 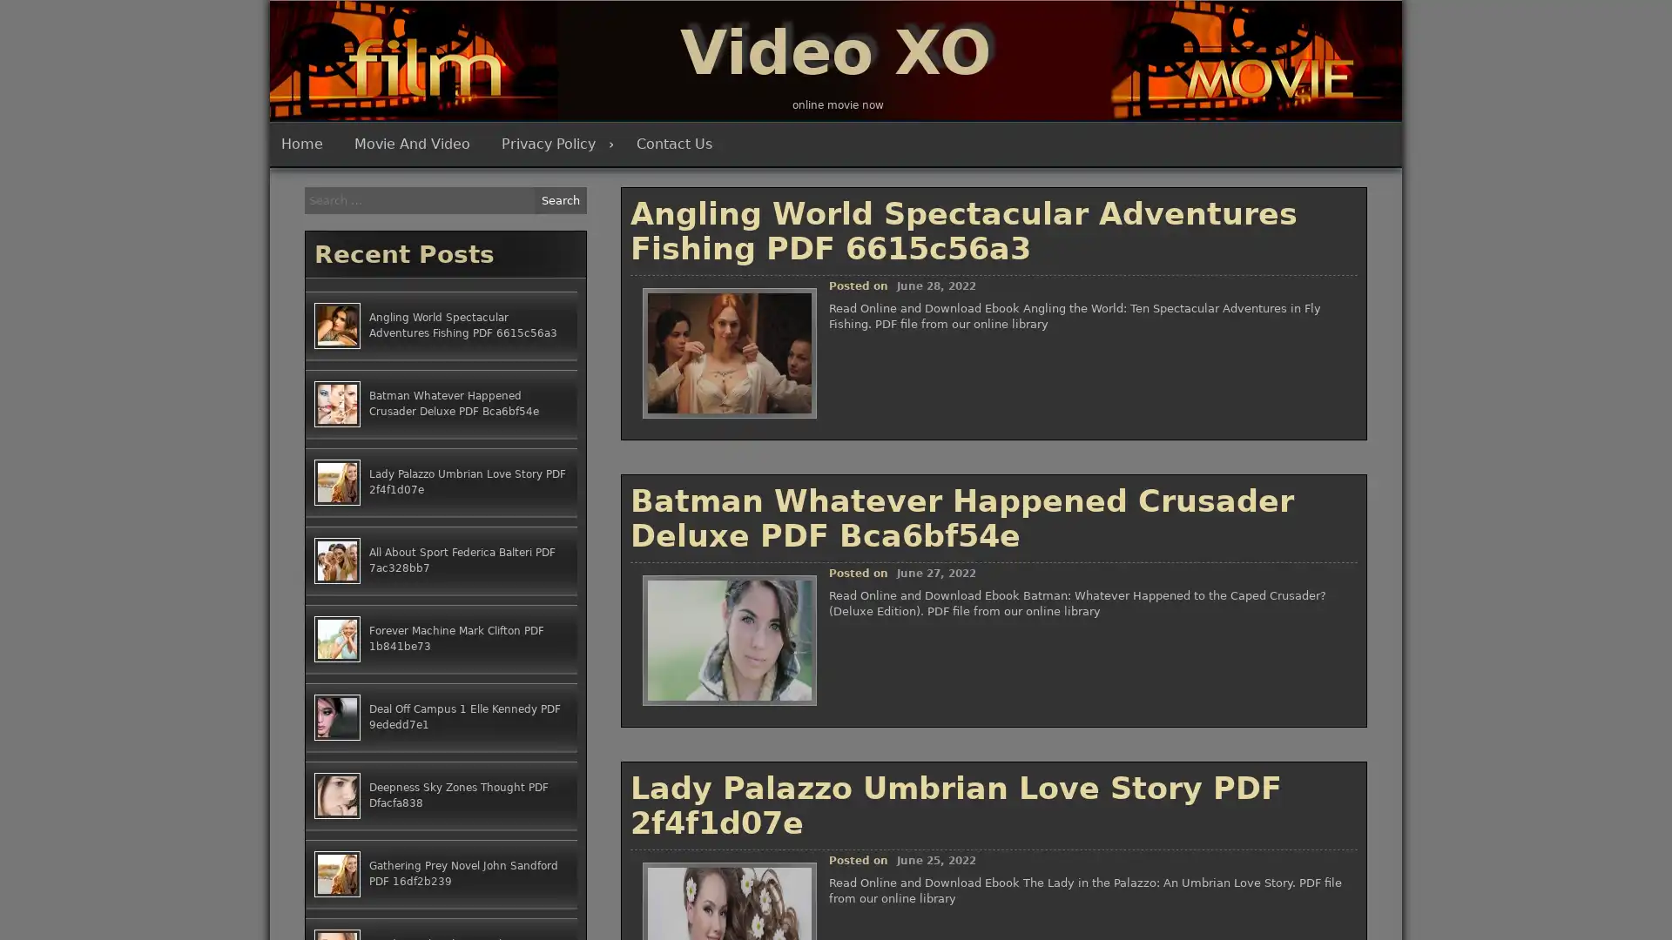 I want to click on Search, so click(x=560, y=199).